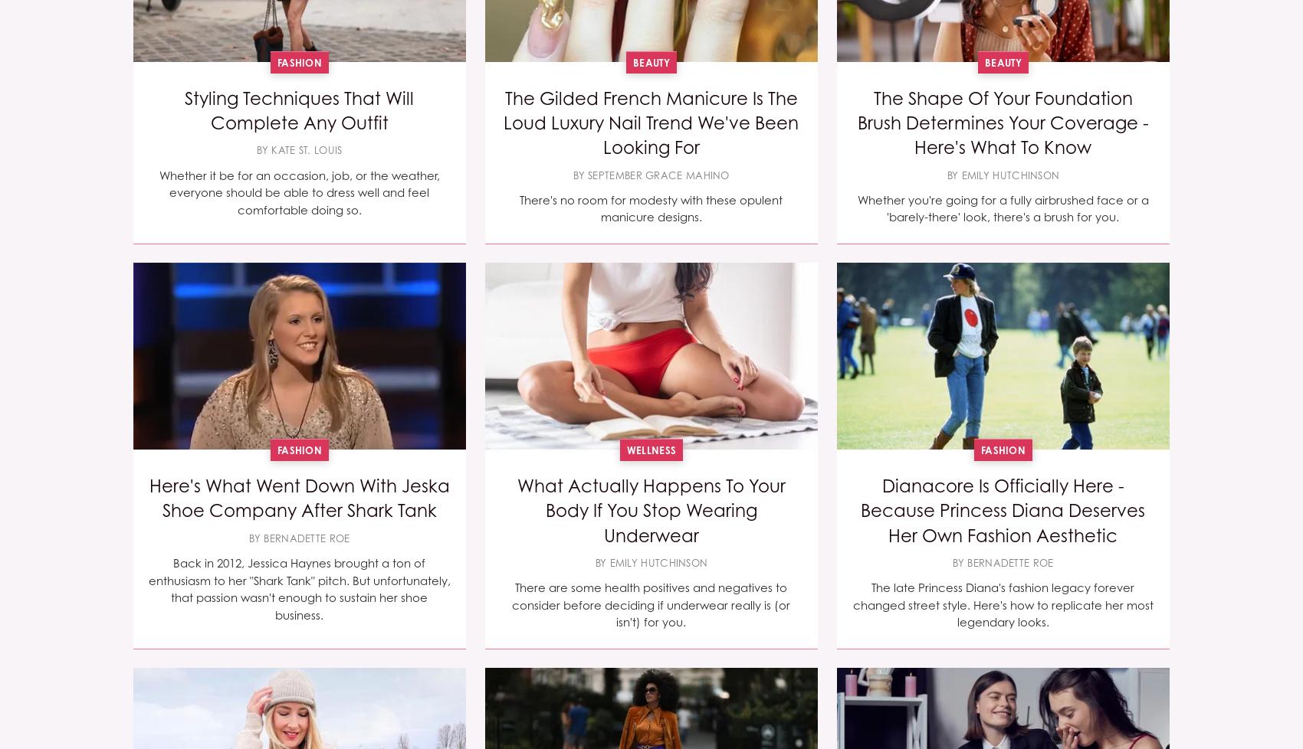  What do you see at coordinates (650, 450) in the screenshot?
I see `'Wellness'` at bounding box center [650, 450].